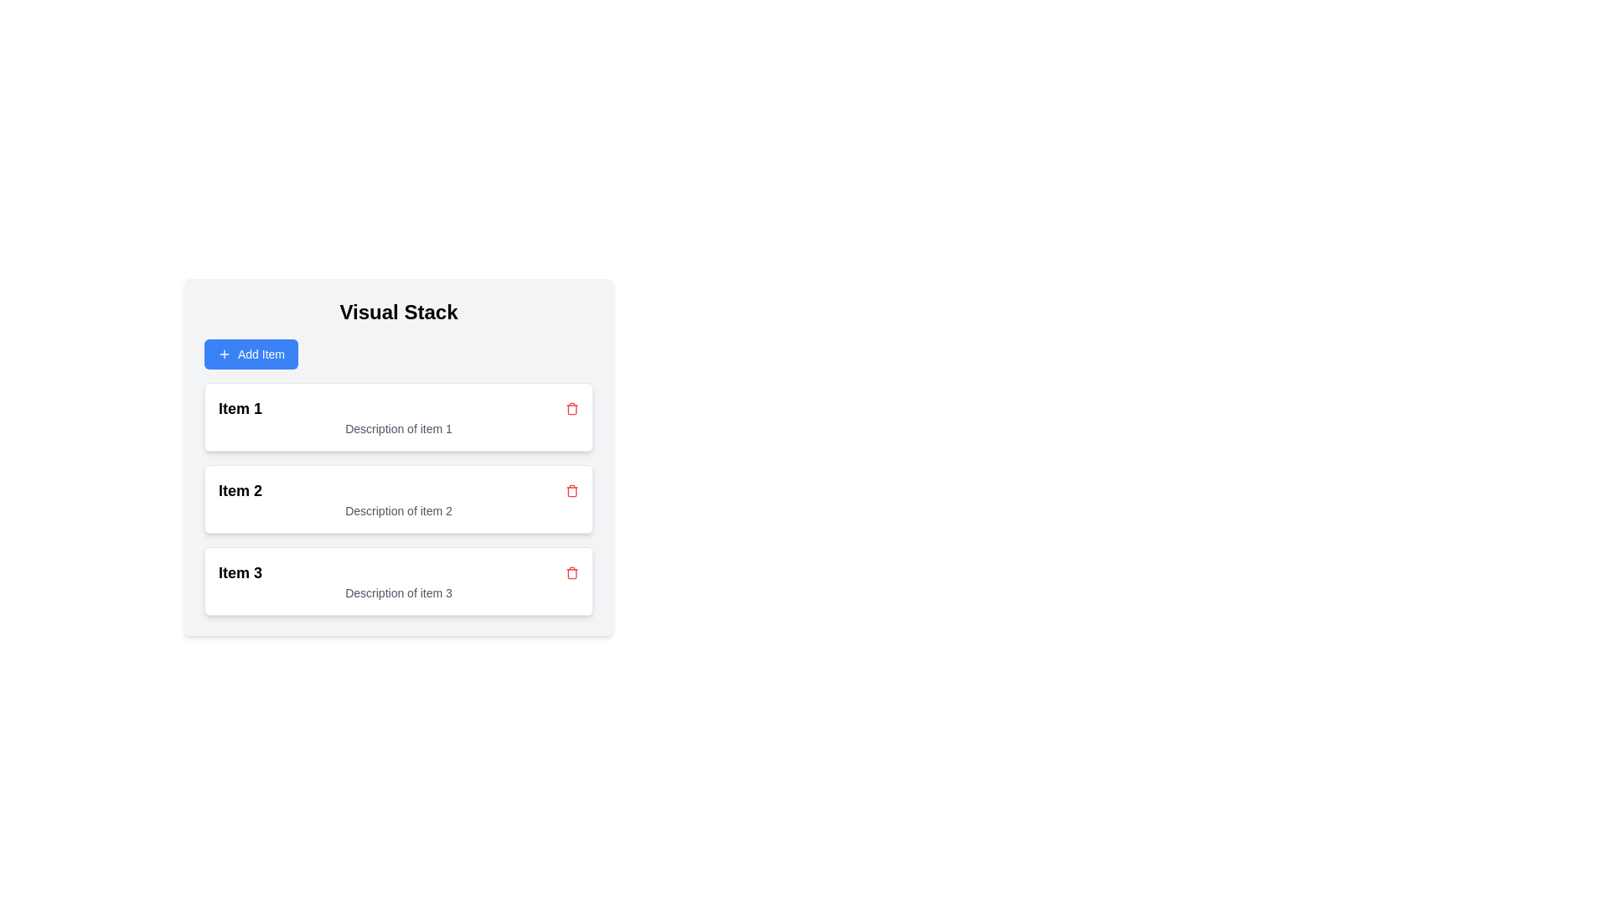 Image resolution: width=1609 pixels, height=905 pixels. Describe the element at coordinates (397, 416) in the screenshot. I see `the Information Card that contains the bold text 'Item 1' and the smaller gray text 'Description of item 1', which is the first card in a vertical stack located below the heading 'Visual Stack'` at that location.